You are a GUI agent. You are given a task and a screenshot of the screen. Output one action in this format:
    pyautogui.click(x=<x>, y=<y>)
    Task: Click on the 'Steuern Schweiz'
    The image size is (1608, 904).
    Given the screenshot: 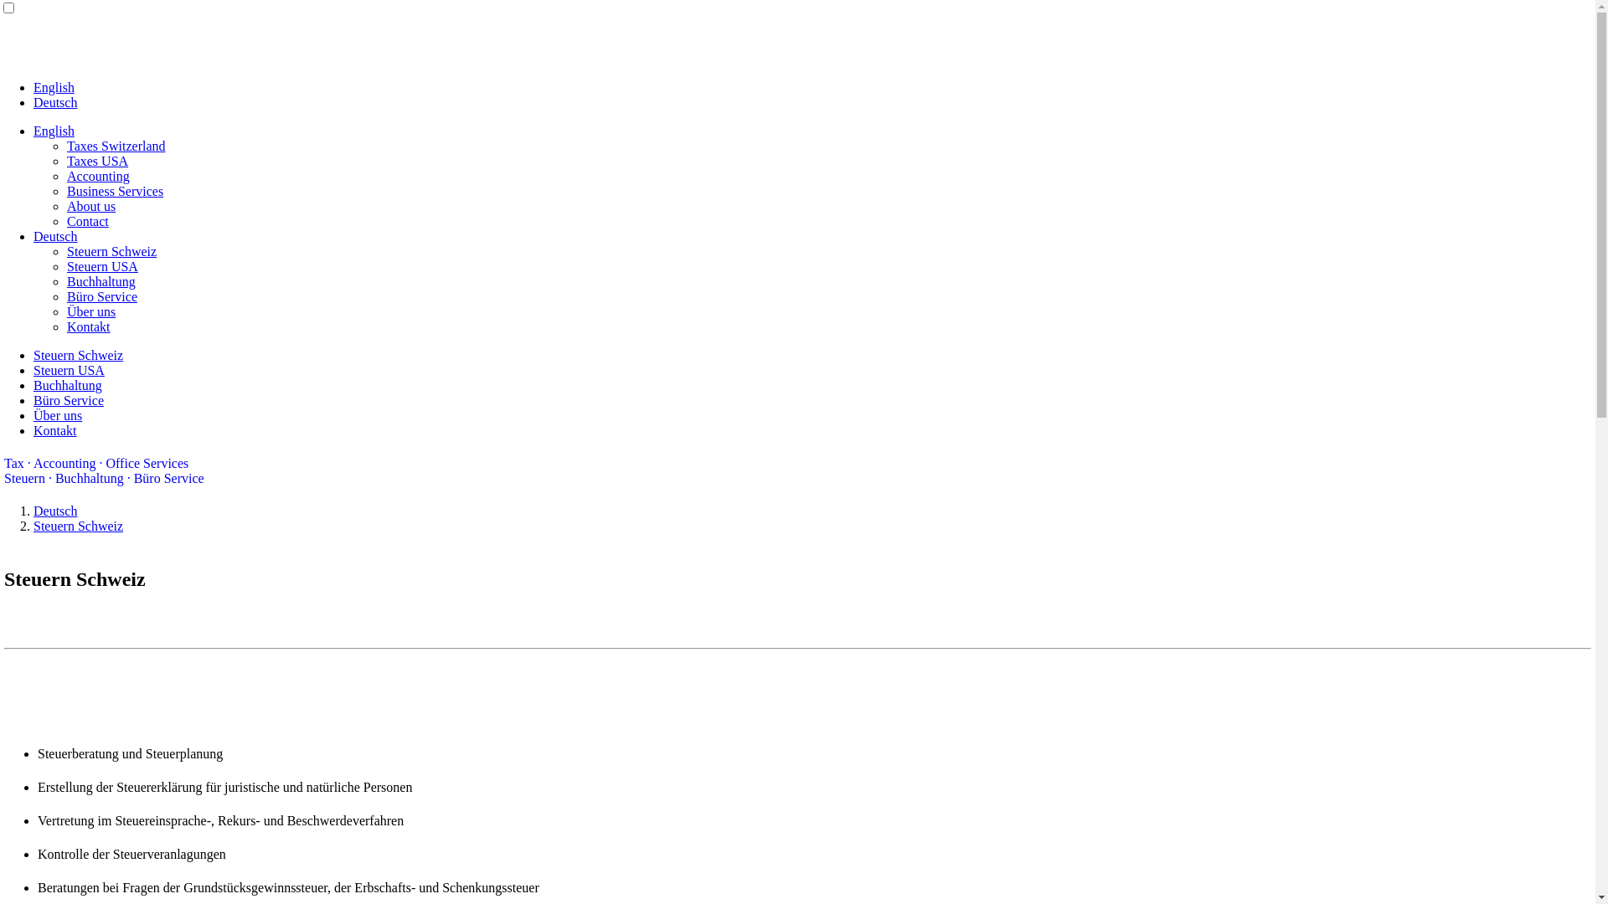 What is the action you would take?
    pyautogui.click(x=77, y=525)
    